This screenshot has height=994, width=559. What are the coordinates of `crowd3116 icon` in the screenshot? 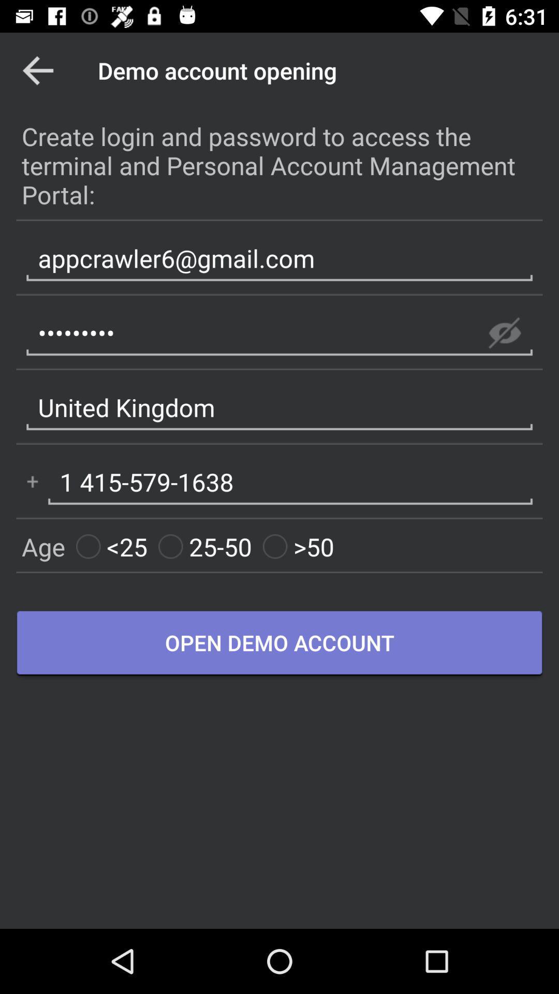 It's located at (279, 333).